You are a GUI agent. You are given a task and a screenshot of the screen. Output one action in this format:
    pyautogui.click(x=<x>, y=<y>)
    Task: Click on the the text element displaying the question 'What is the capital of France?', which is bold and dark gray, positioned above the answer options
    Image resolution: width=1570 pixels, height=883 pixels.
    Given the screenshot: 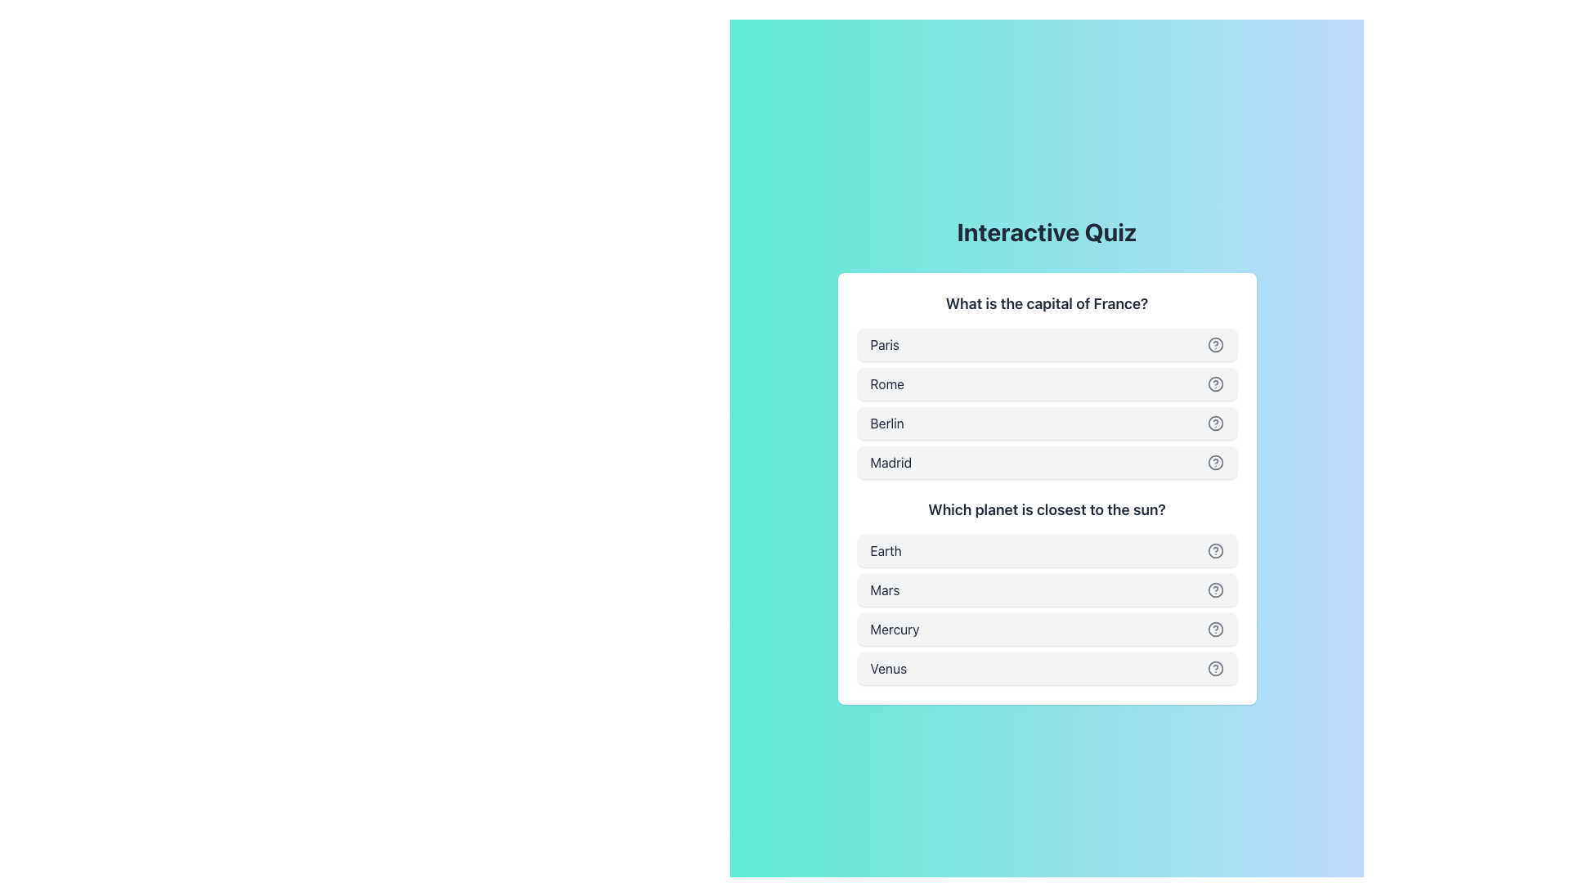 What is the action you would take?
    pyautogui.click(x=1047, y=303)
    